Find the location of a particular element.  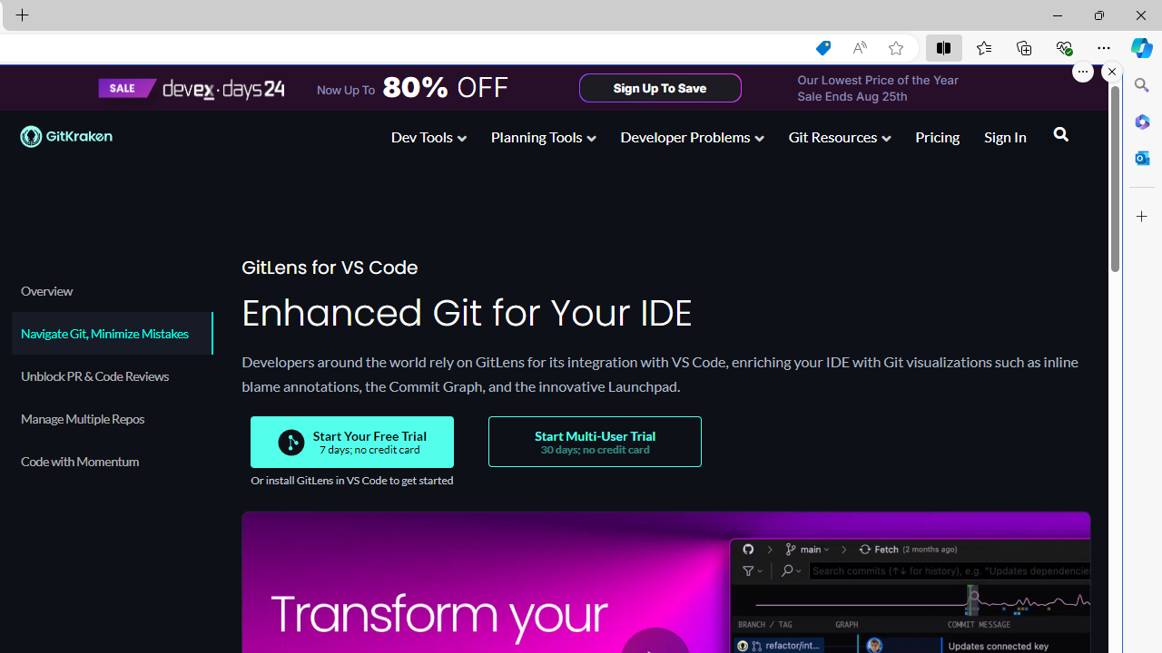

'Sign In' is located at coordinates (1004, 138).